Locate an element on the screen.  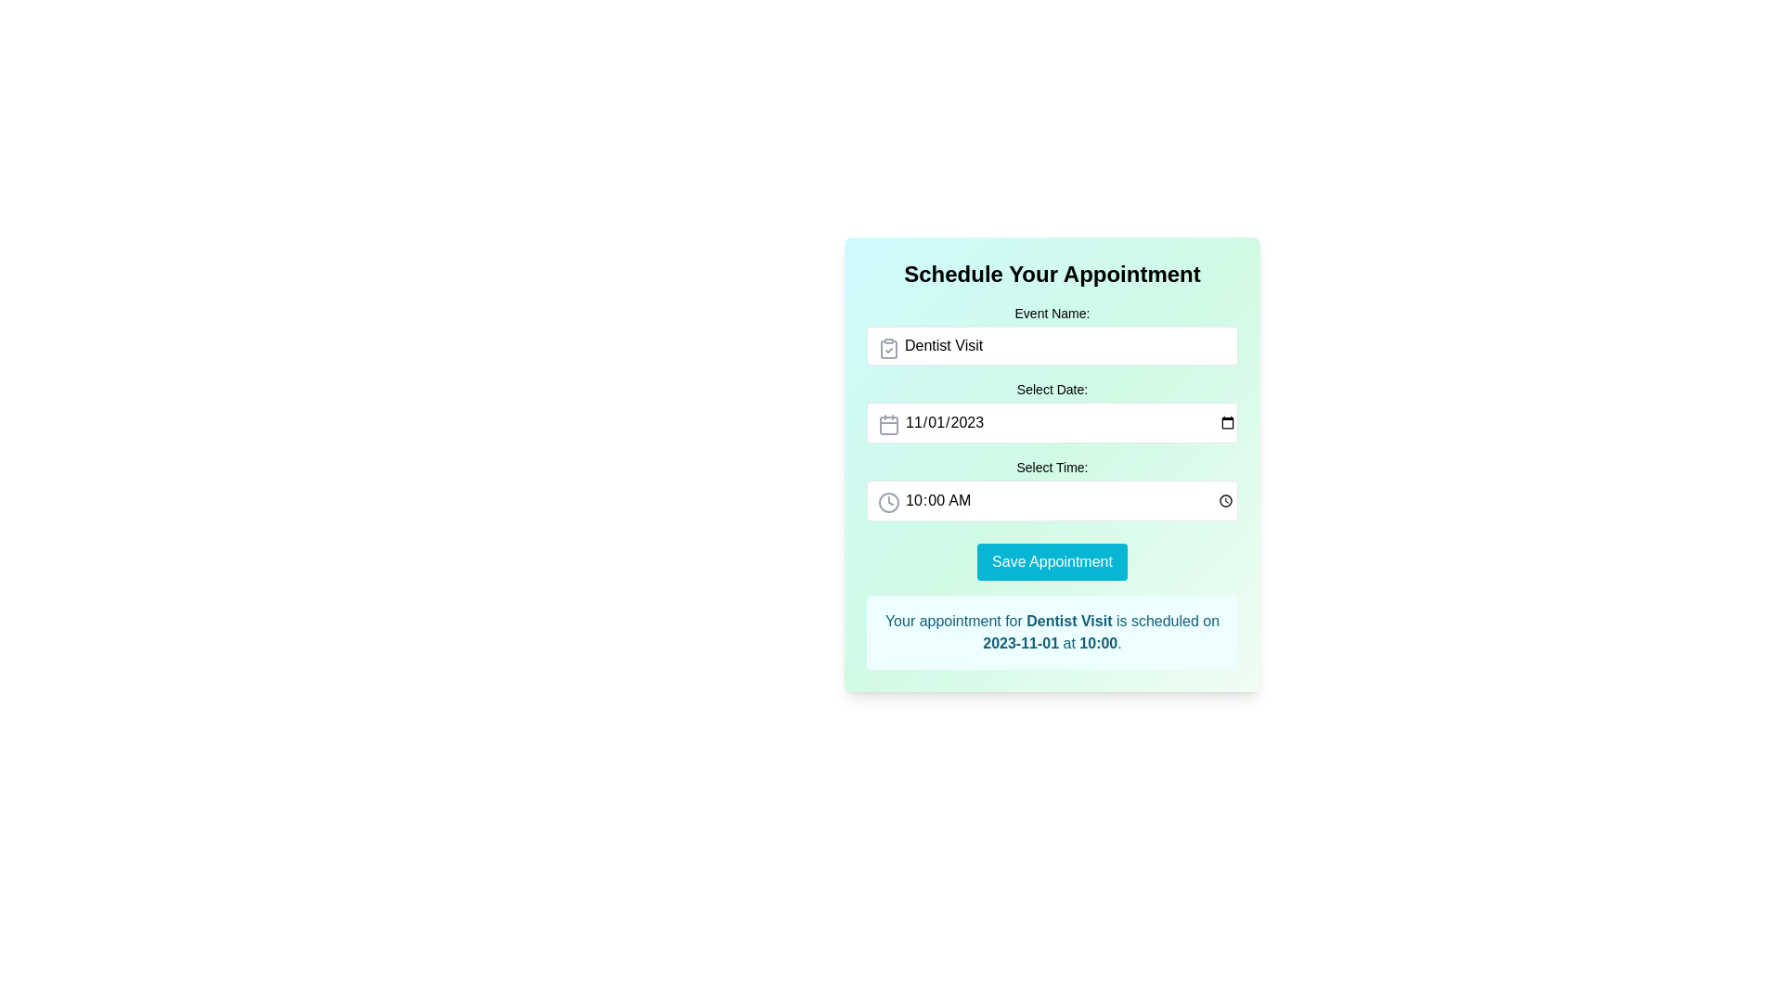
the Text Display or Informational Label that shows the appointment details, which is located at the lower section of the interface with a cyan background and rounded borders is located at coordinates (1052, 632).